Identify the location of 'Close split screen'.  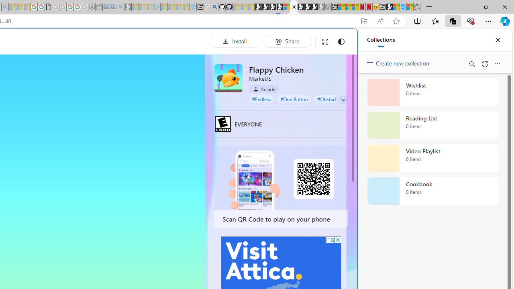
(339, 41).